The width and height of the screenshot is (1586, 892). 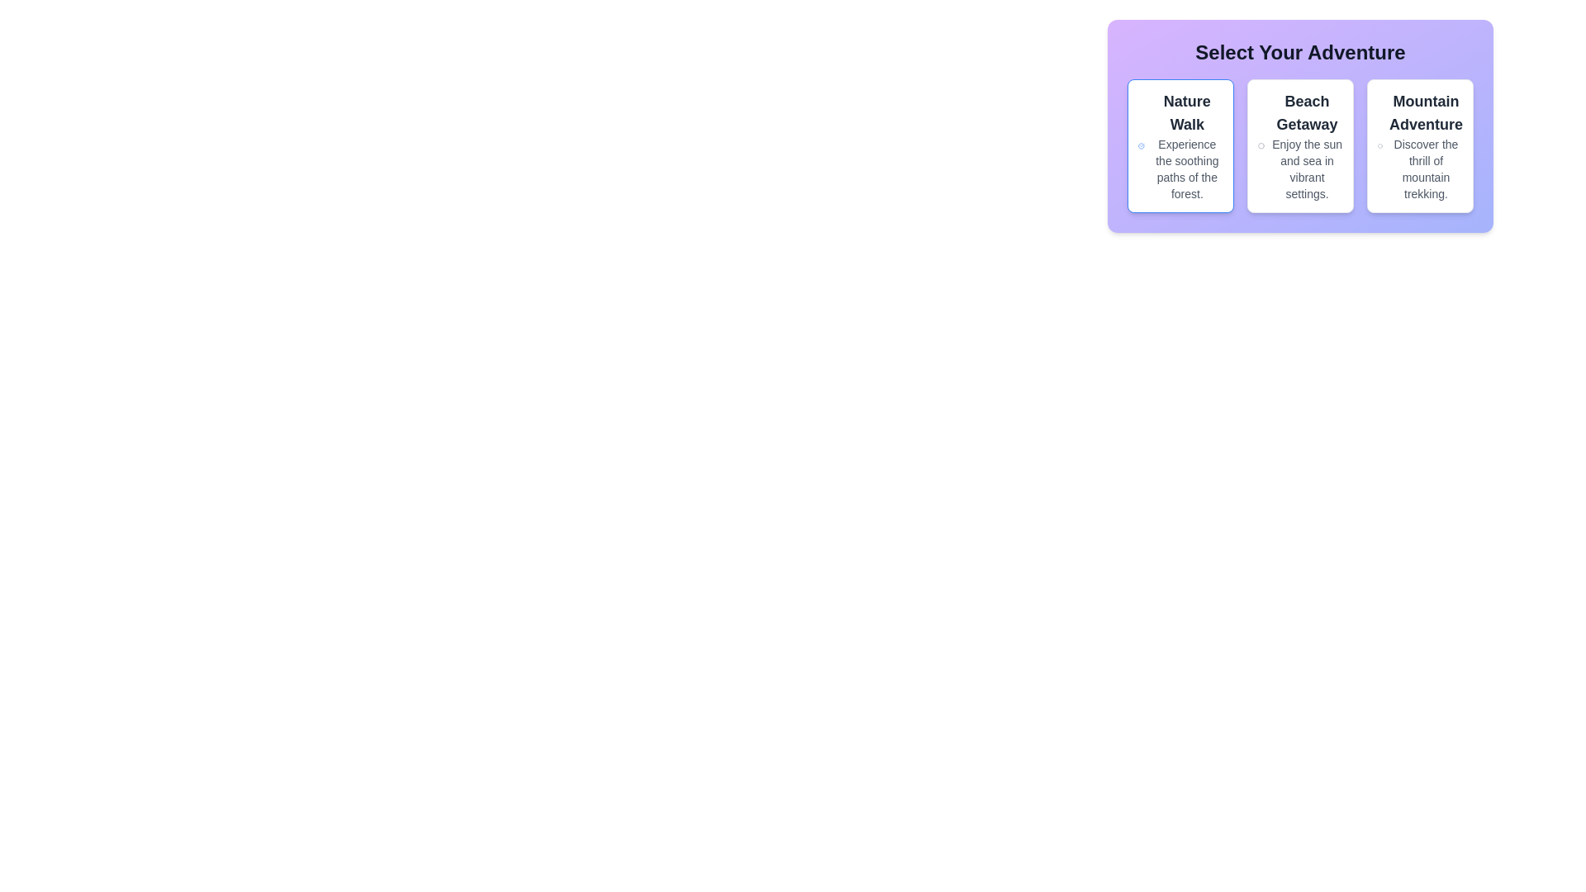 I want to click on the descriptive text block titled 'Beach Getaway' which includes the text 'Enjoy the sun and sea in vibrant settings.' This block is located in the center of a triplet of adventure options under 'Select Your Adventure.', so click(x=1306, y=145).